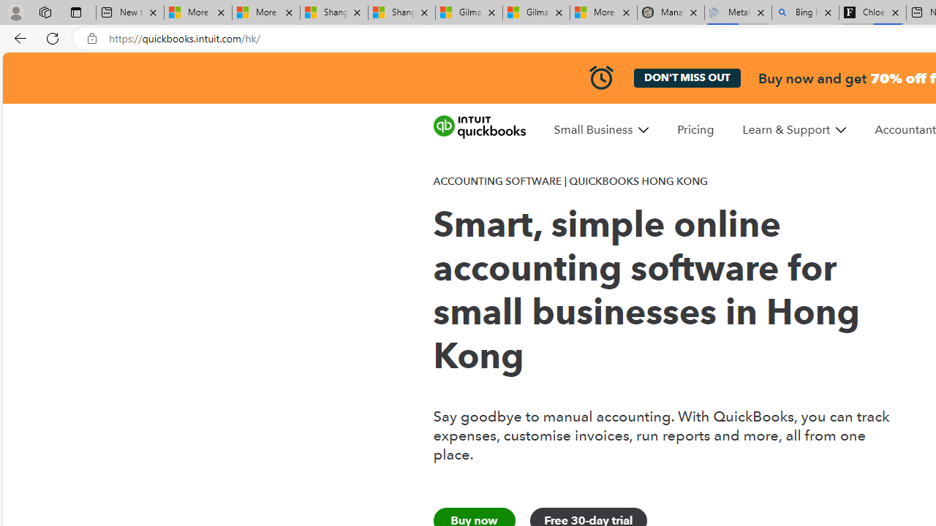 The image size is (936, 526). I want to click on 'Personal Profile', so click(15, 12).